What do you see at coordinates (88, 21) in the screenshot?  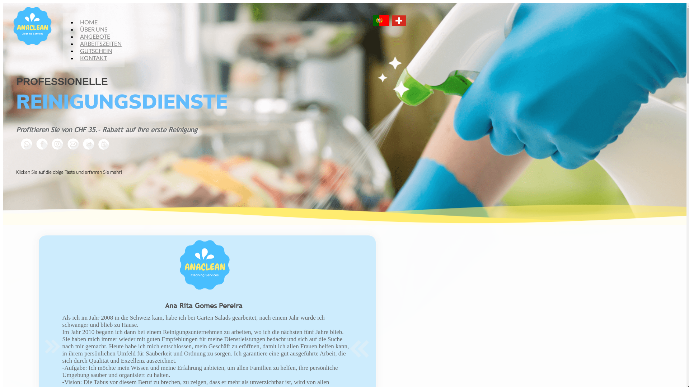 I see `'HOME'` at bounding box center [88, 21].